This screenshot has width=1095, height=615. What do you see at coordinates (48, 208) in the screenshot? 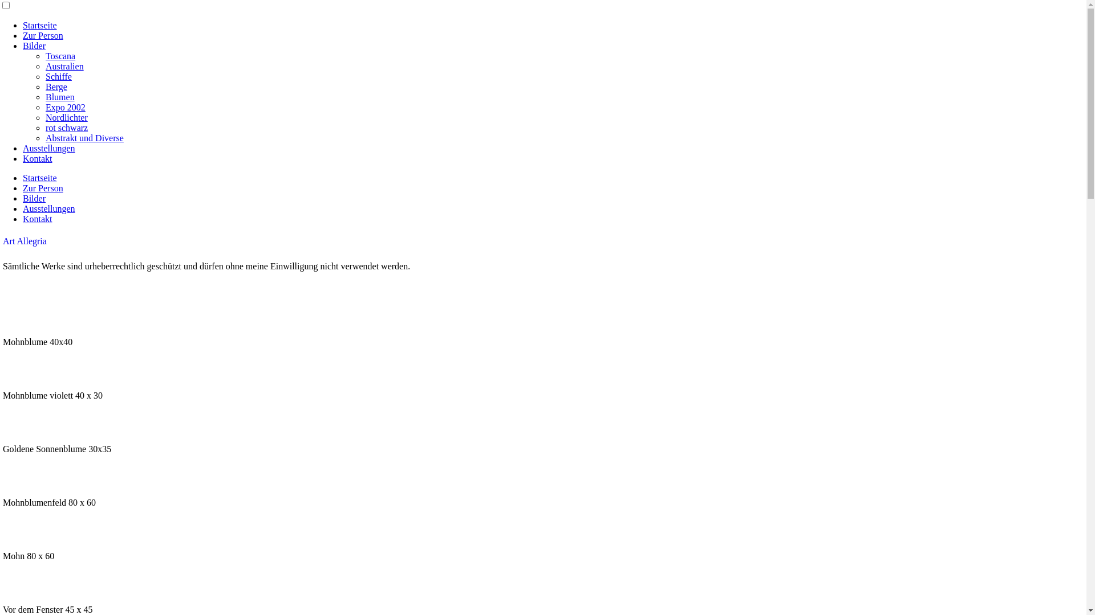
I see `'Ausstellungen'` at bounding box center [48, 208].